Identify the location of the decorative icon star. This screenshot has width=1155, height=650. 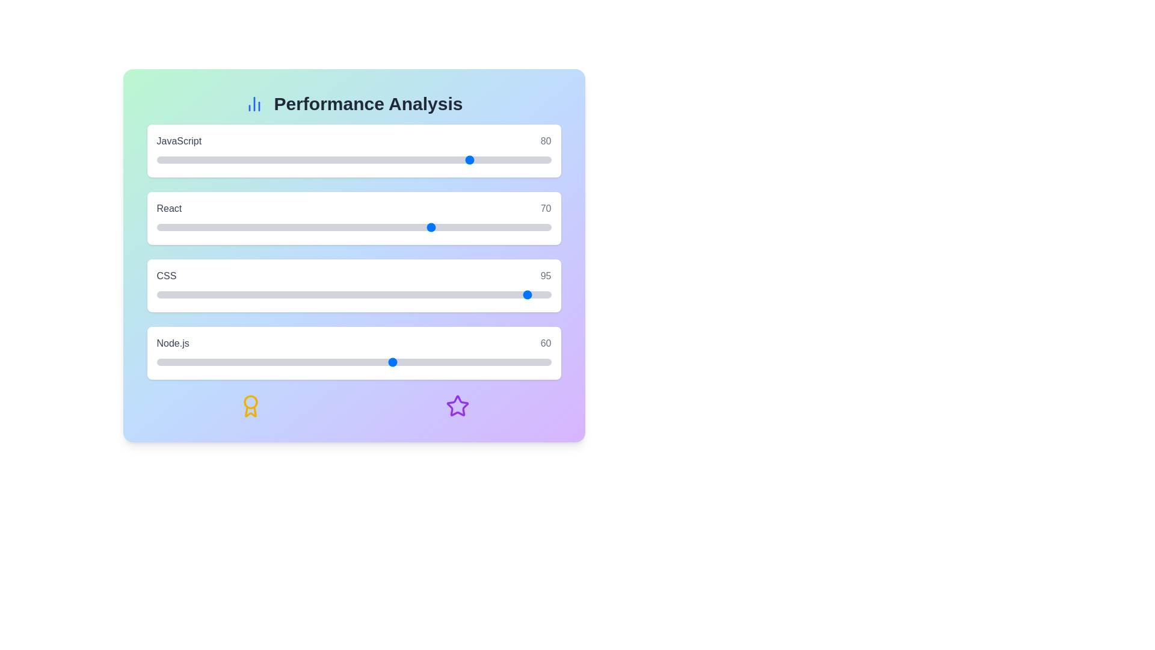
(457, 406).